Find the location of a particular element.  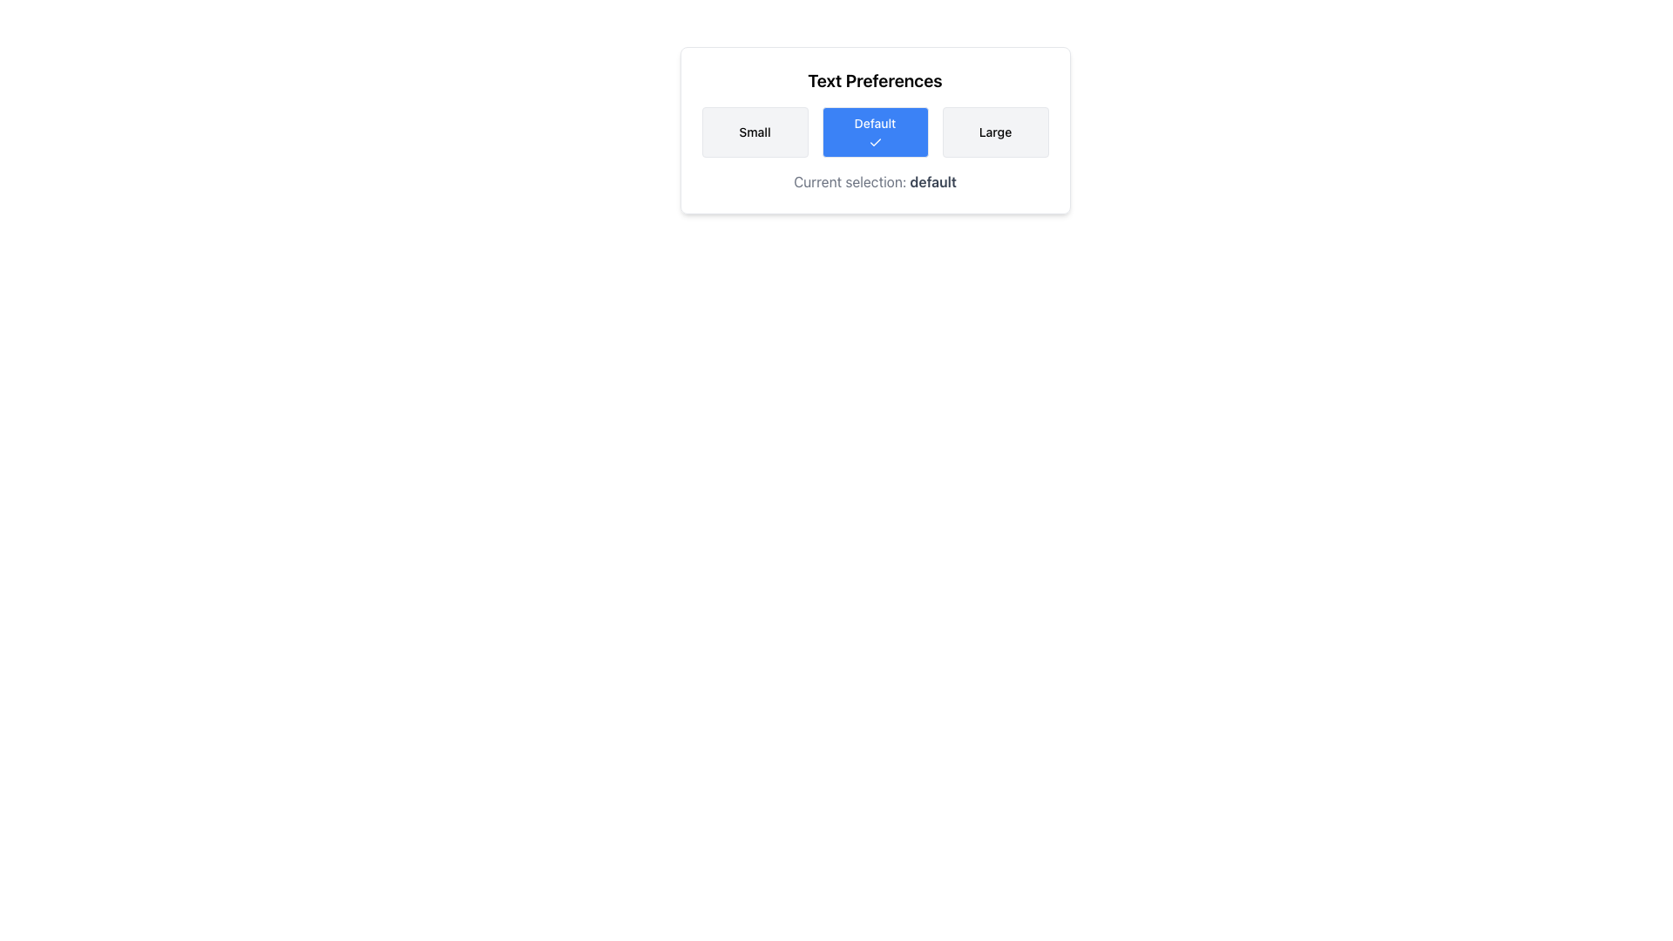

the selection status represented by the checkmark icon located at the bottom-center of the blue 'Default' button in the text size selection group is located at coordinates (875, 142).